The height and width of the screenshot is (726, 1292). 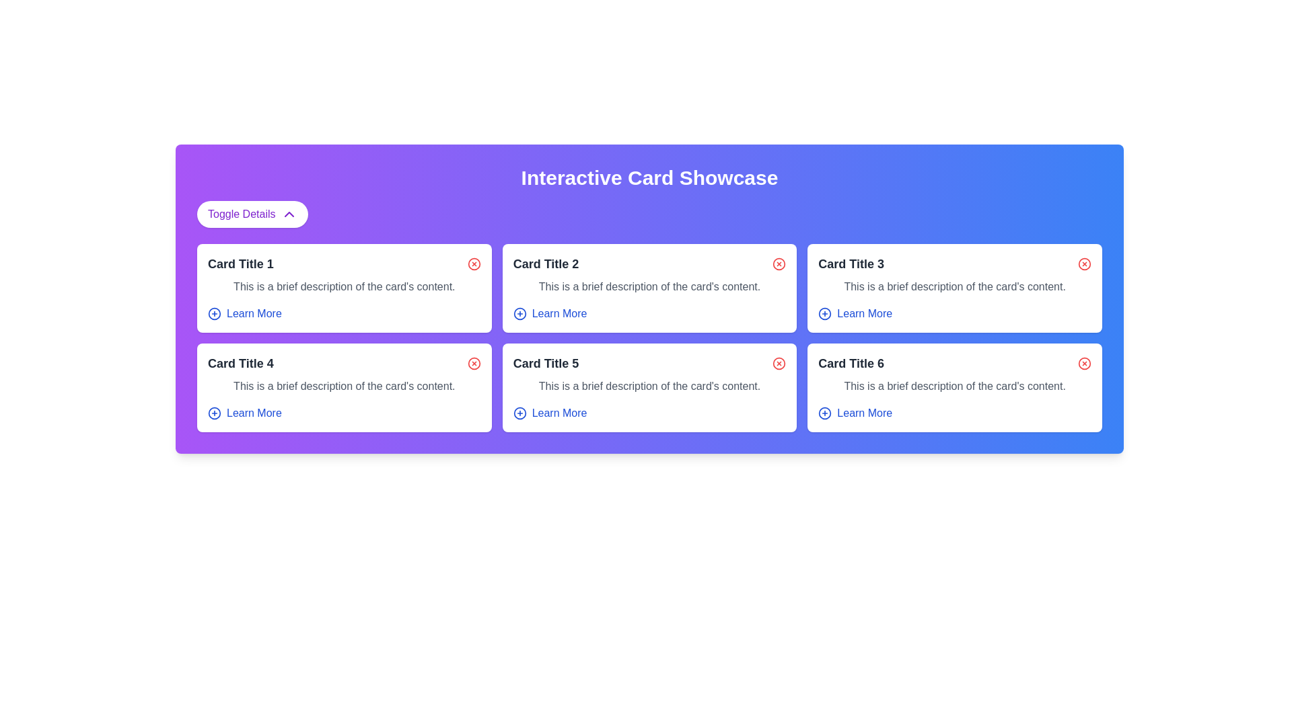 I want to click on the Graphic icon (SVG vector element) in the 'Learn More' section of 'Card Title 2', so click(x=519, y=313).